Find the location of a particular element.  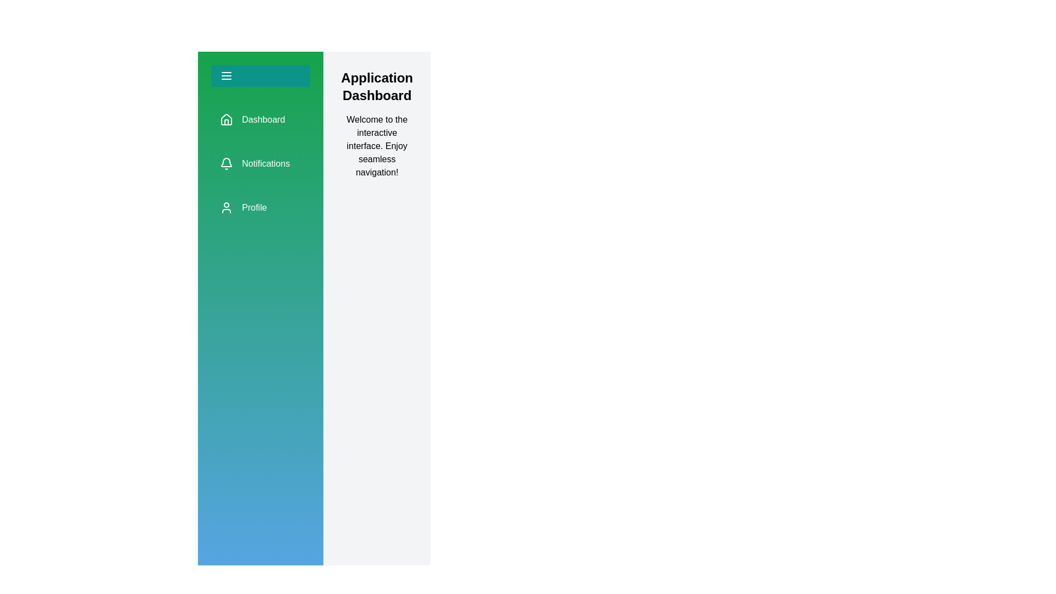

the toggle button to change the drawer state is located at coordinates (260, 75).